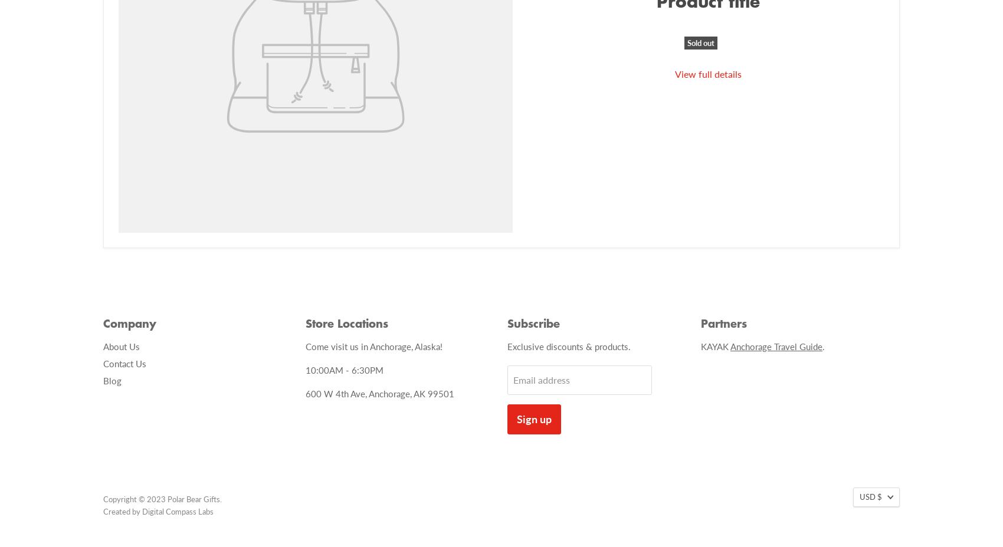 The image size is (1003, 547). What do you see at coordinates (112, 380) in the screenshot?
I see `'Blog'` at bounding box center [112, 380].